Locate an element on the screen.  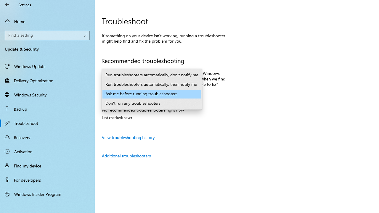
'Run troubleshooters automatically, then notify me' is located at coordinates (152, 84).